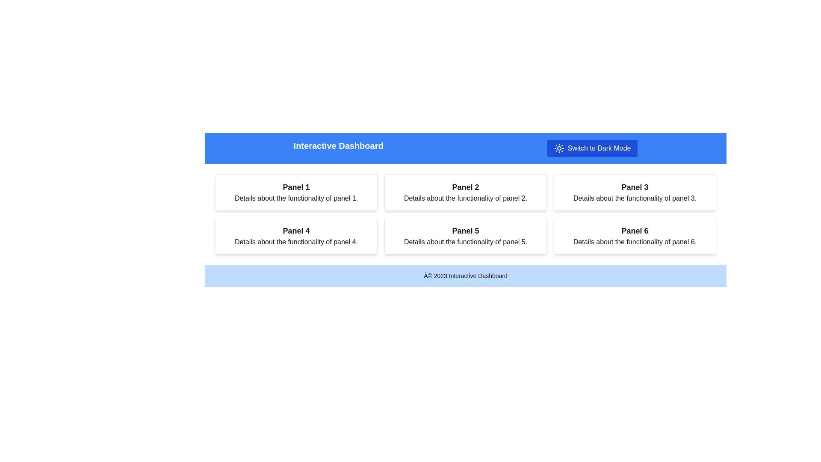  Describe the element at coordinates (296, 231) in the screenshot. I see `the static text that serves as the title of the panel, which is centered horizontally in the second row of panels` at that location.